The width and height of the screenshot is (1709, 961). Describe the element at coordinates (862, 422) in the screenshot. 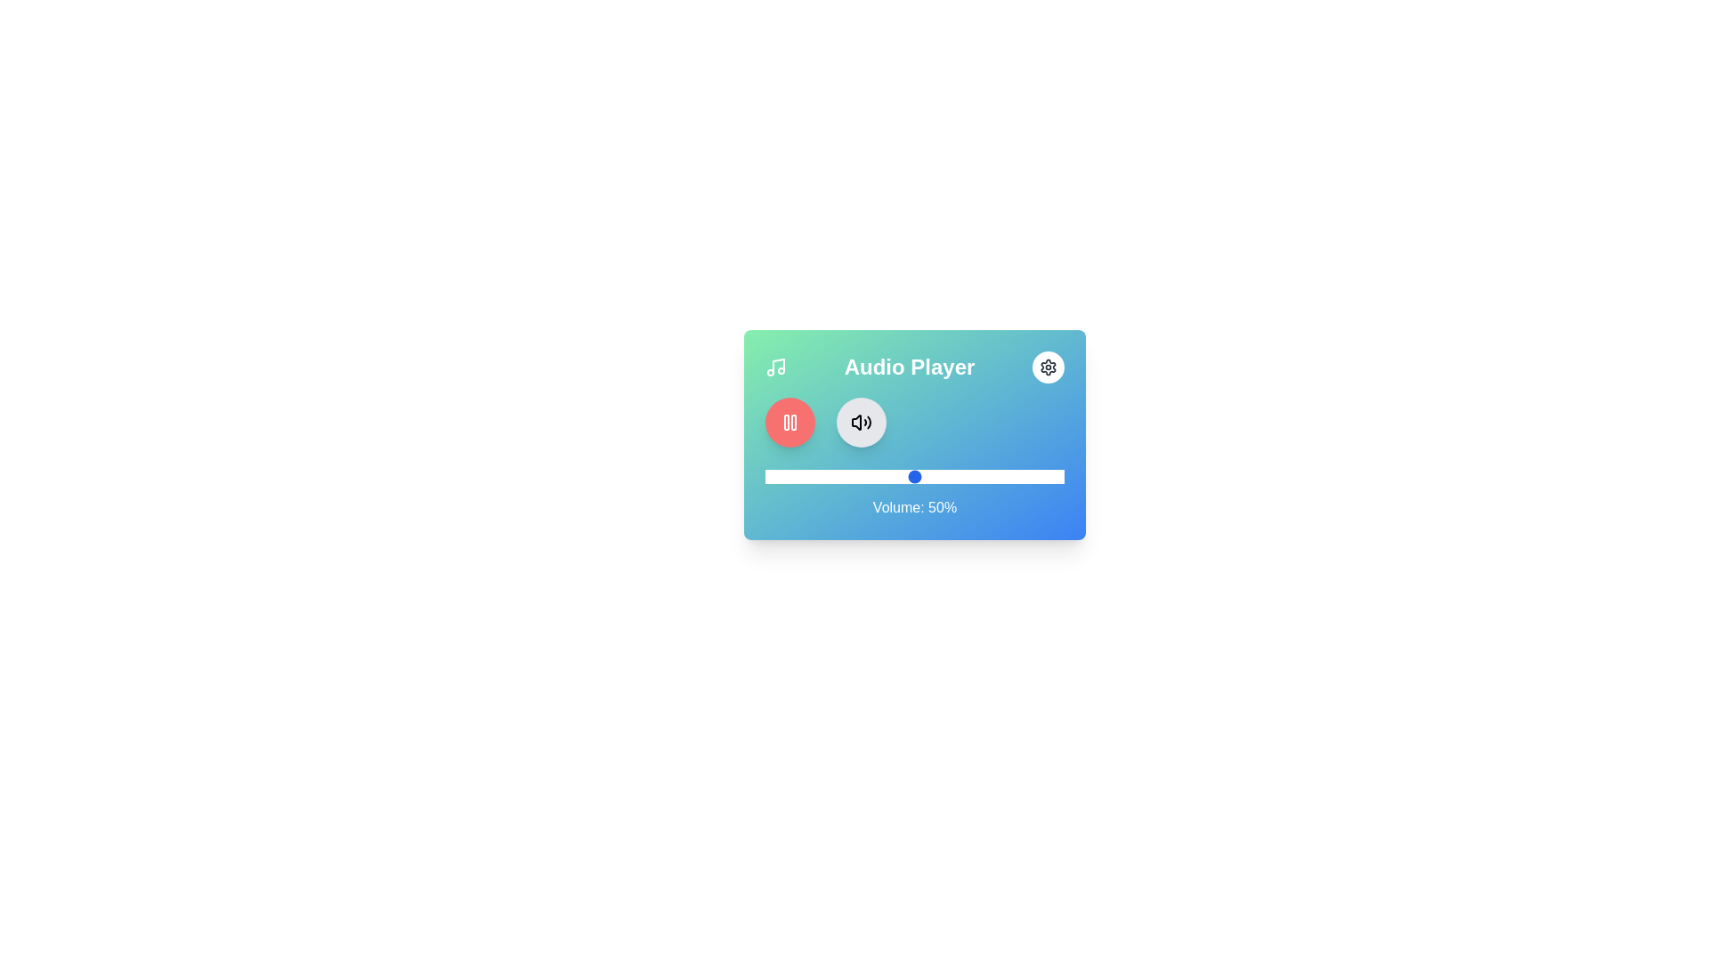

I see `the circular button with a gray background and speaker icon, located to the right of the red pause button` at that location.